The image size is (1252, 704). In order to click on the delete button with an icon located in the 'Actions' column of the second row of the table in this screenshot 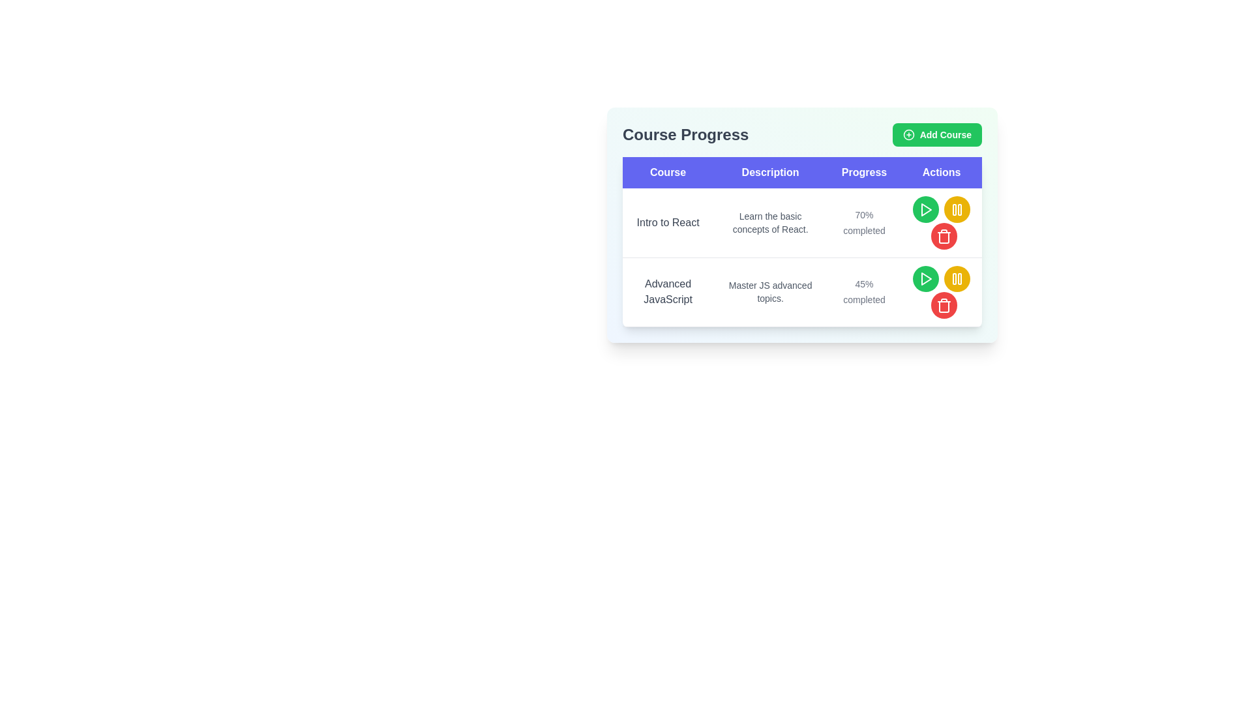, I will do `click(944, 306)`.